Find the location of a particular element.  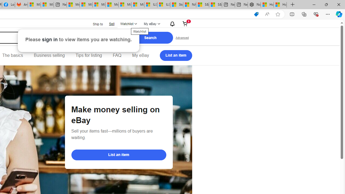

'This site has coupons! Shopping in Microsoft Edge' is located at coordinates (256, 14).